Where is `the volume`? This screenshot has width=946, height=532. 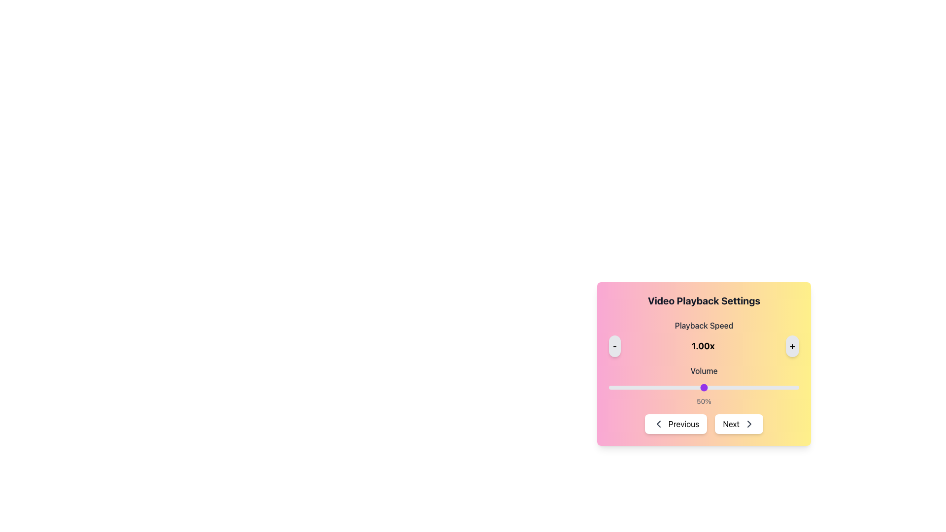
the volume is located at coordinates (650, 387).